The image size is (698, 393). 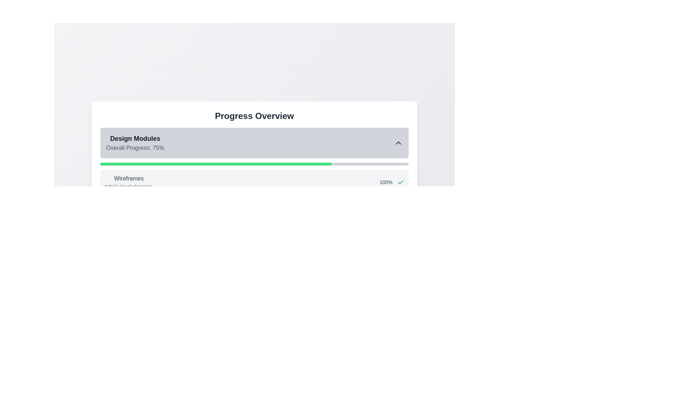 I want to click on the completion icon located adjacent to the '100%' text label in the bottom-right corner of the progress summary section, so click(x=400, y=182).